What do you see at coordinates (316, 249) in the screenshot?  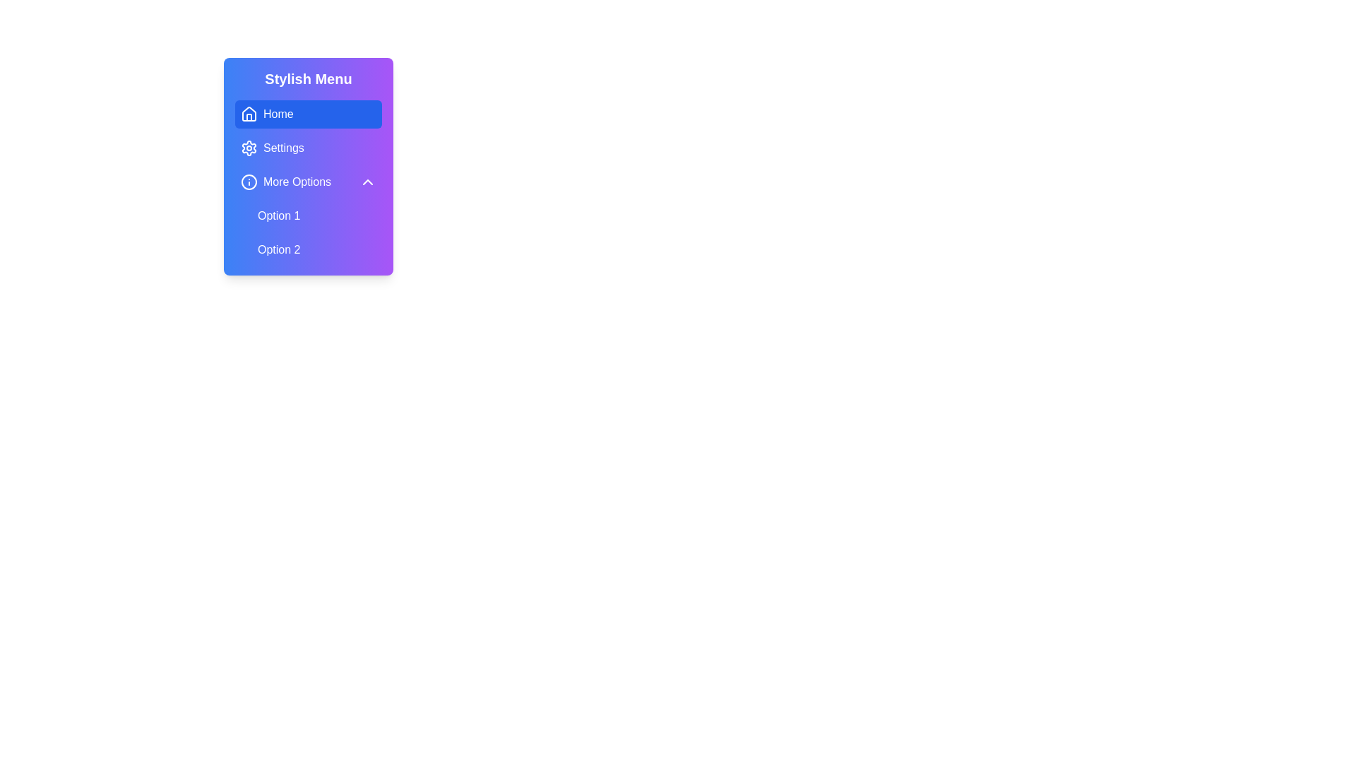 I see `the 'Option 2' button, which is a rectangular button with a gradient blue to purple background located below 'Option 1' in a vertical list` at bounding box center [316, 249].